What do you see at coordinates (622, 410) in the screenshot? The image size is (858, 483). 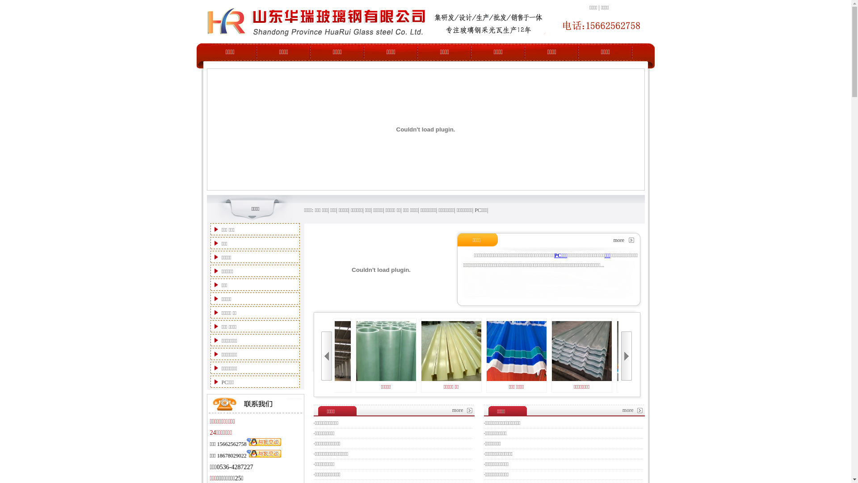 I see `'more'` at bounding box center [622, 410].